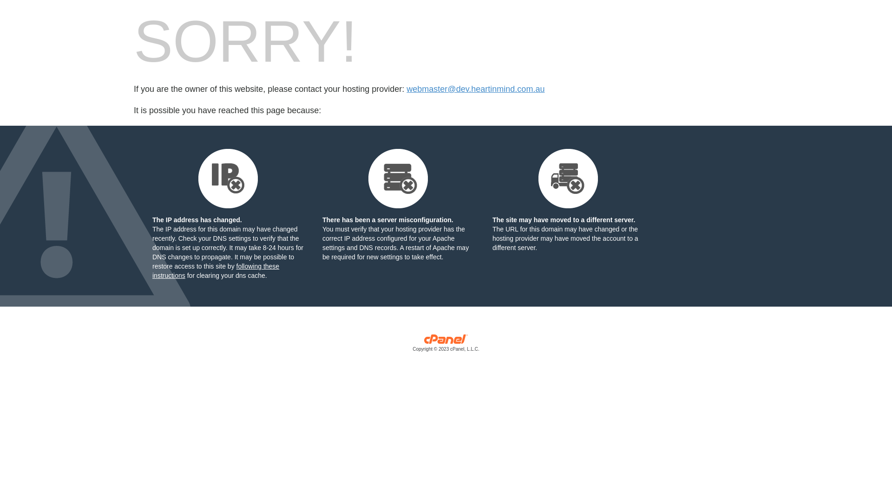 The height and width of the screenshot is (501, 892). Describe the element at coordinates (475, 89) in the screenshot. I see `'webmaster@dev.heartinmind.com.au'` at that location.